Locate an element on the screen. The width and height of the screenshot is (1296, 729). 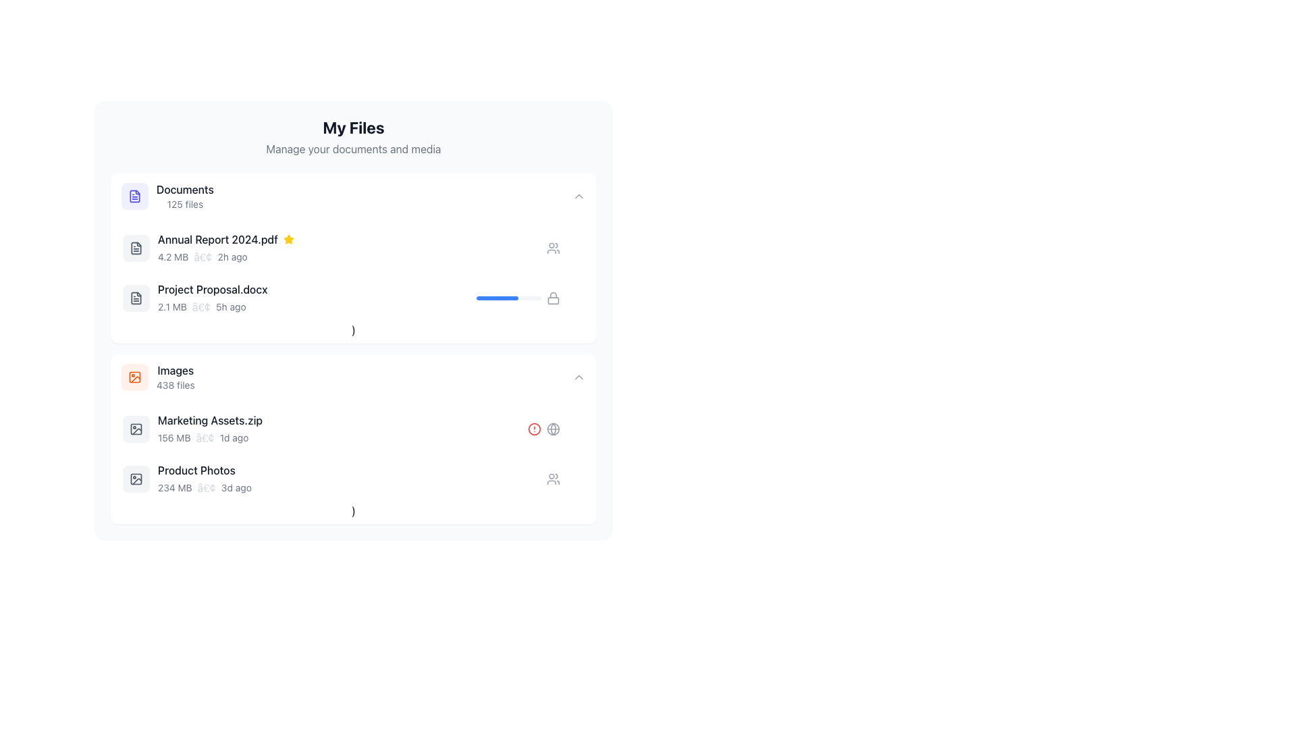
the List item displaying file information for 'Marketing Assets.zip' is located at coordinates (353, 429).